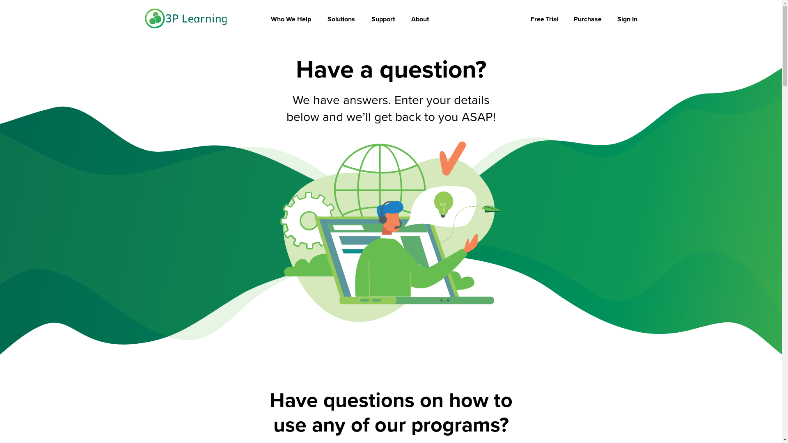  Describe the element at coordinates (371, 18) in the screenshot. I see `'Support'` at that location.